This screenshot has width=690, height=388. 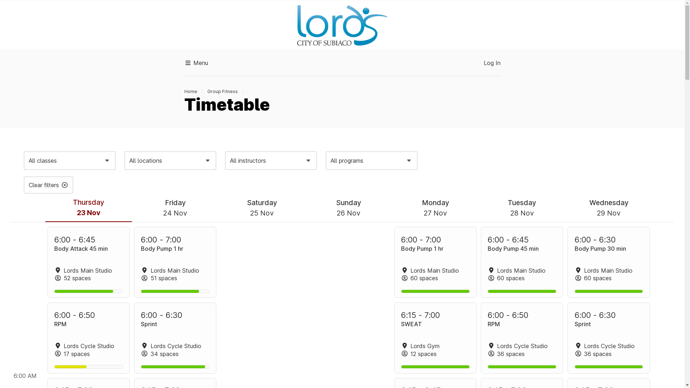 What do you see at coordinates (608, 262) in the screenshot?
I see `'Body Pump 30 min` at bounding box center [608, 262].